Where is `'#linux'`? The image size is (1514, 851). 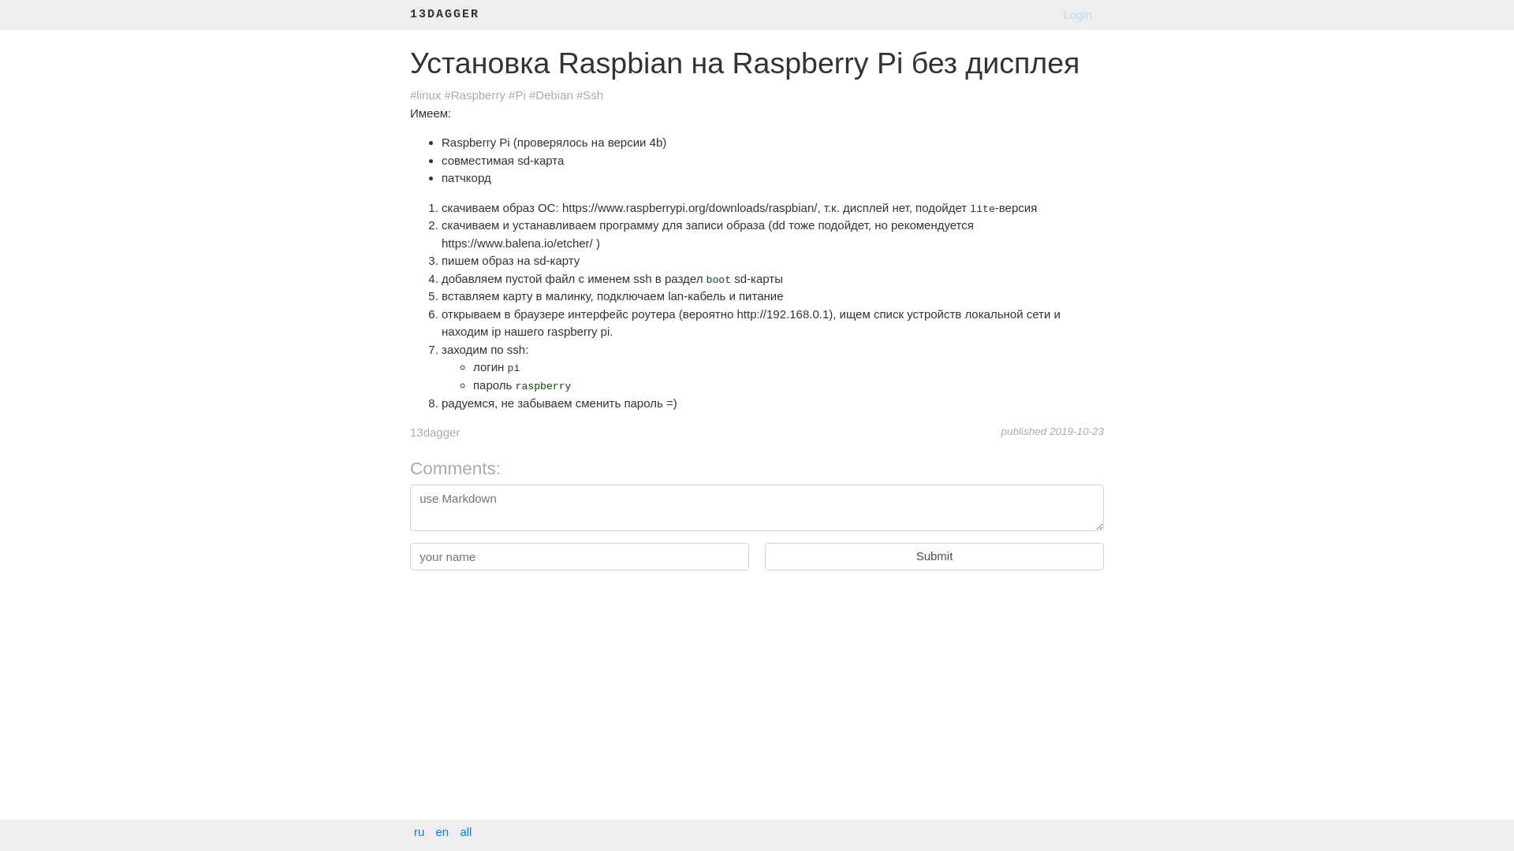 '#linux' is located at coordinates (425, 95).